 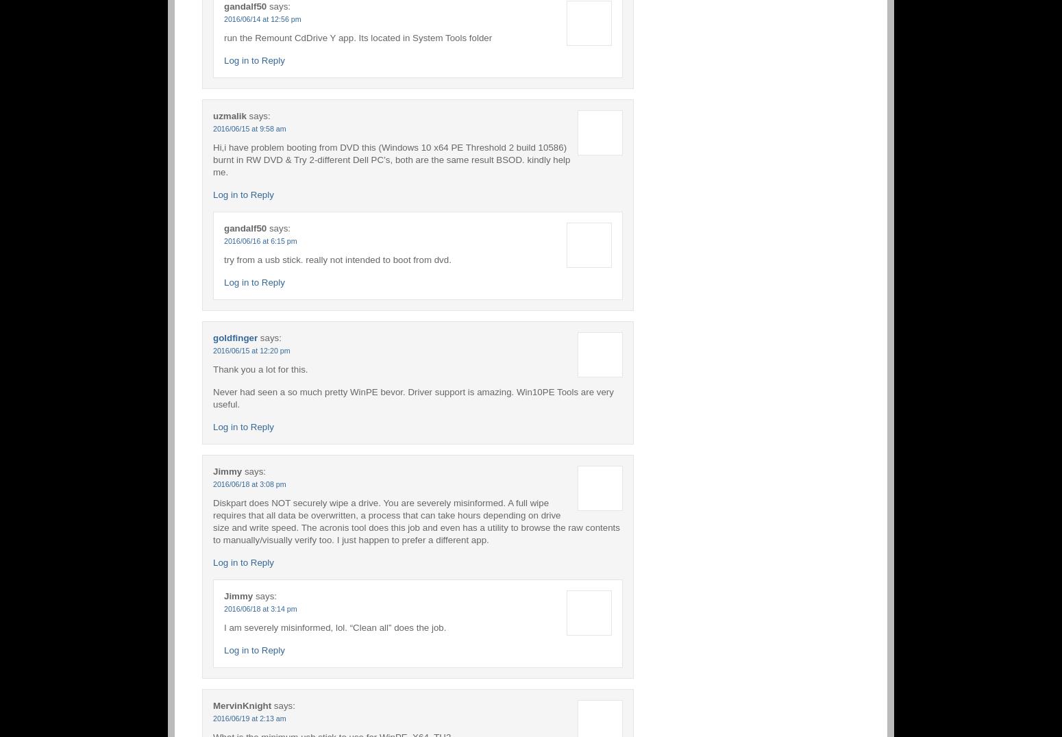 I want to click on '2016/06/14 at 12:56 pm', so click(x=262, y=18).